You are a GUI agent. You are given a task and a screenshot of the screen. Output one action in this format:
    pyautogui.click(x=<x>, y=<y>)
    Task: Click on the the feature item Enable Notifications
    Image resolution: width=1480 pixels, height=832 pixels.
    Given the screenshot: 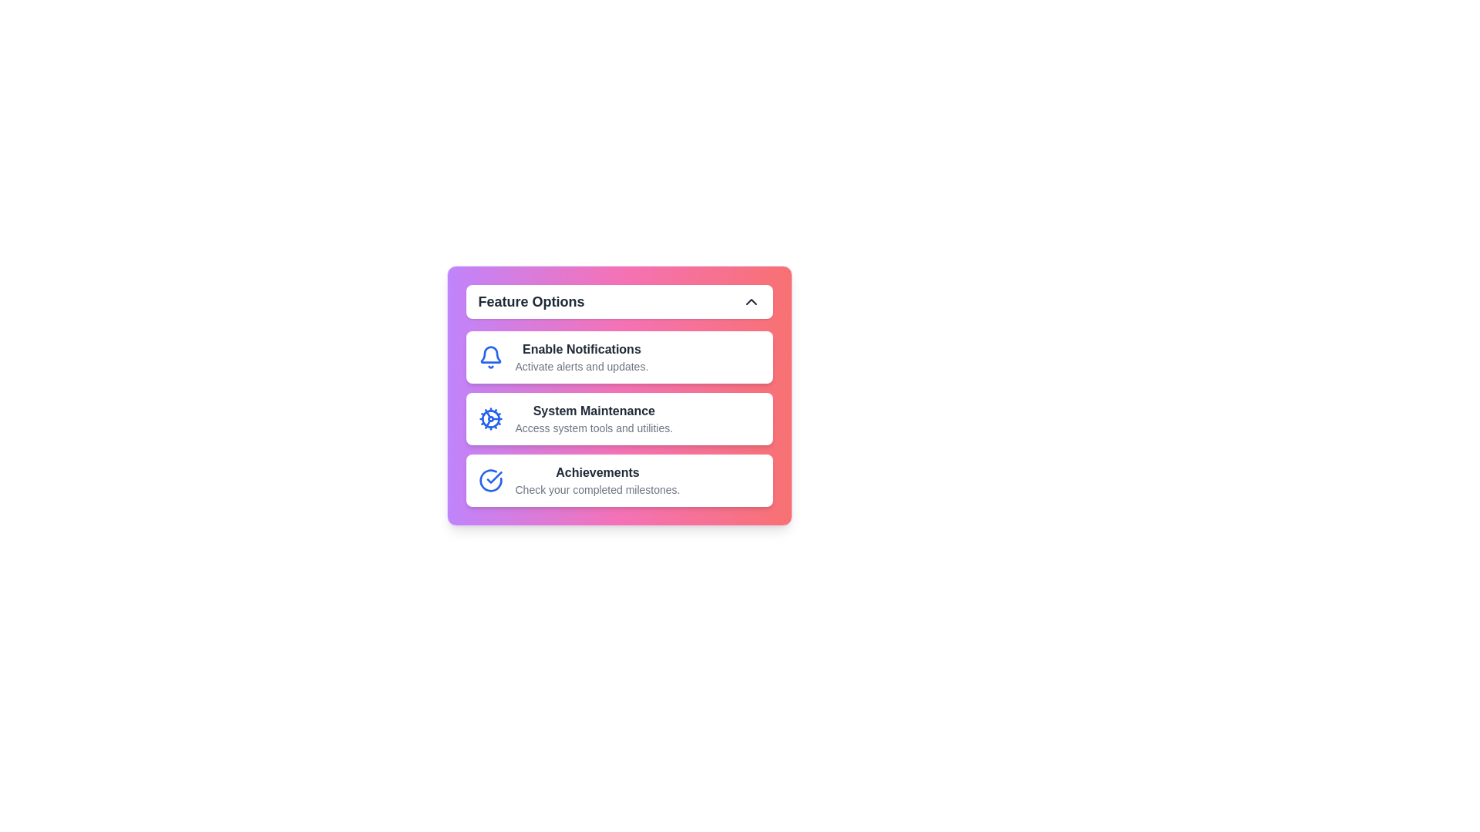 What is the action you would take?
    pyautogui.click(x=619, y=357)
    